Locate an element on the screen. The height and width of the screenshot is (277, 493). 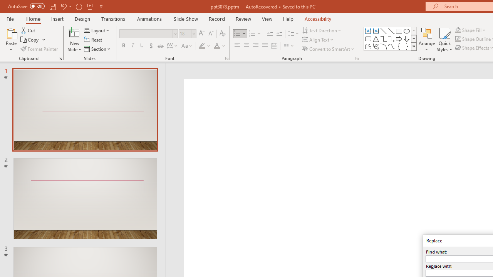
'Connector: Elbow' is located at coordinates (383, 38).